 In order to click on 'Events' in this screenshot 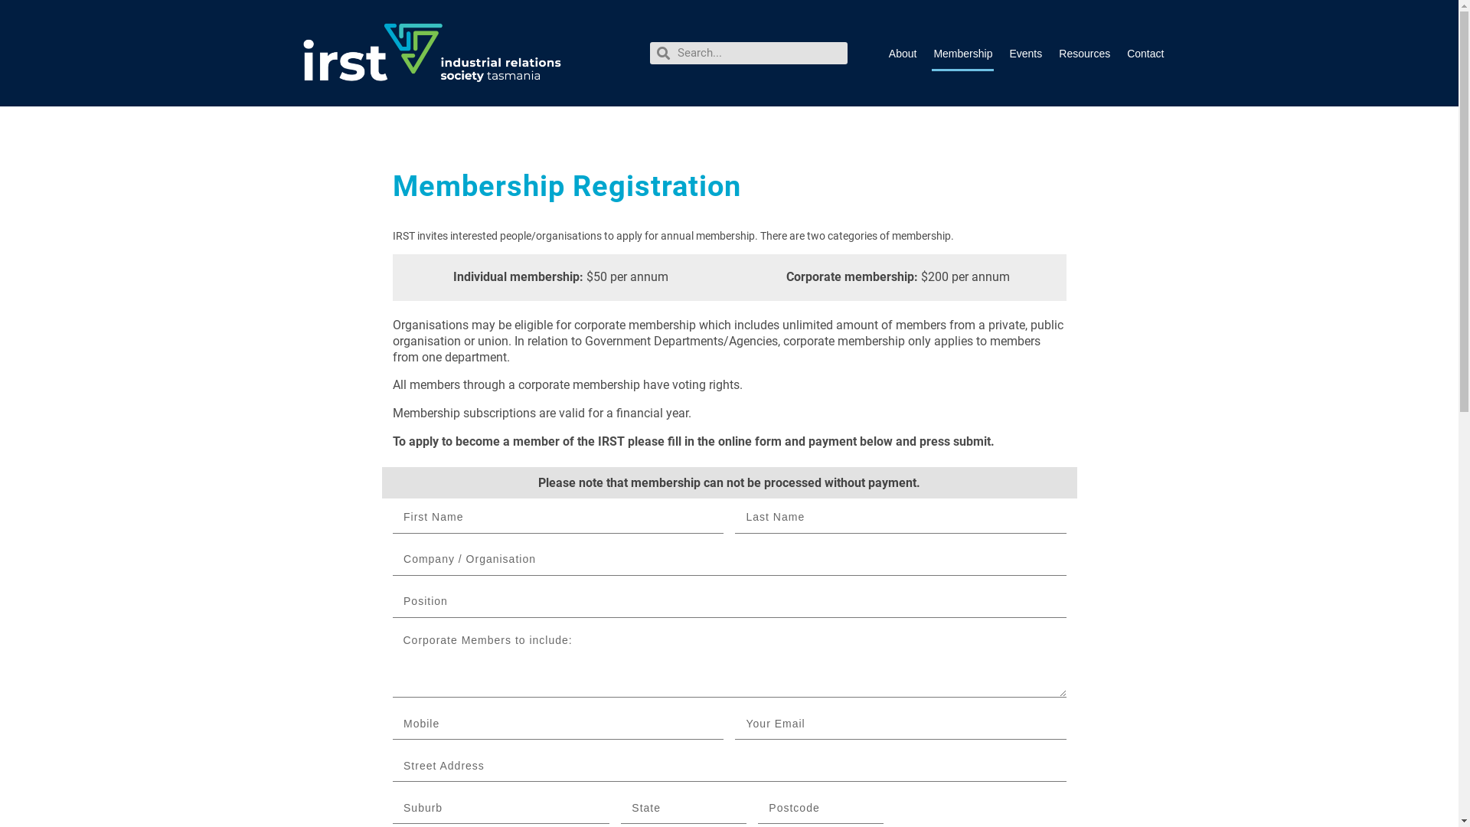, I will do `click(1007, 52)`.